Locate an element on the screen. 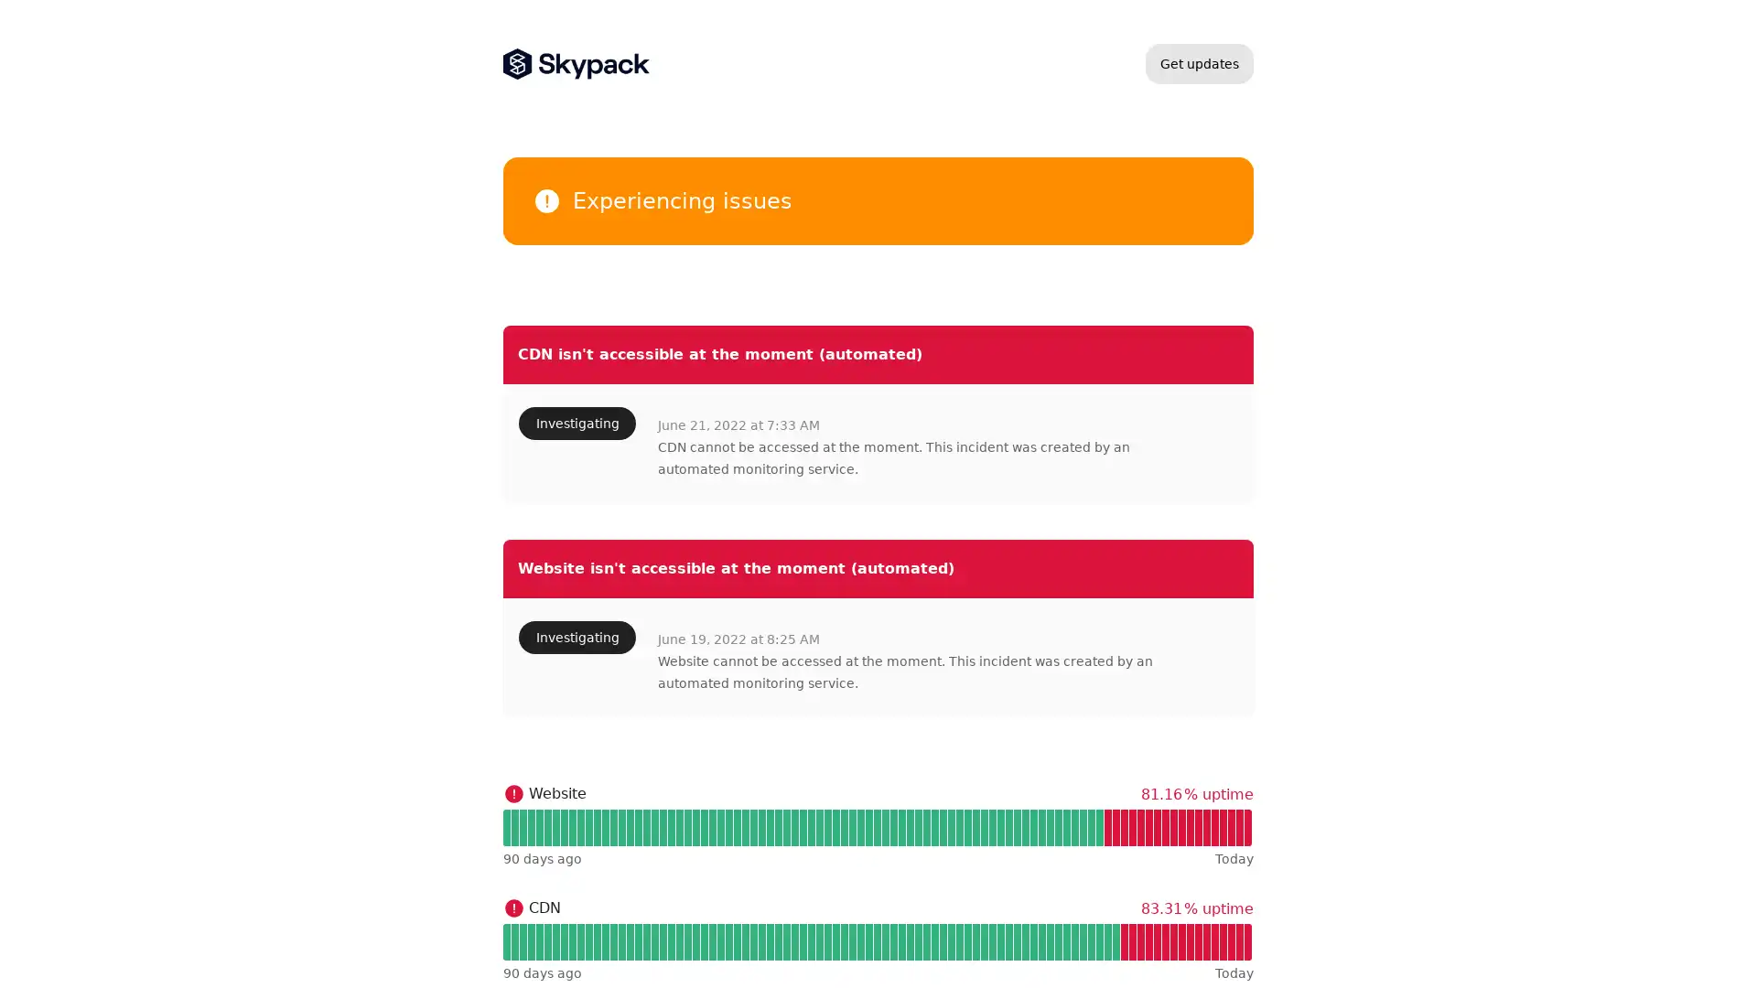 This screenshot has width=1757, height=988. Get updates is located at coordinates (1199, 62).